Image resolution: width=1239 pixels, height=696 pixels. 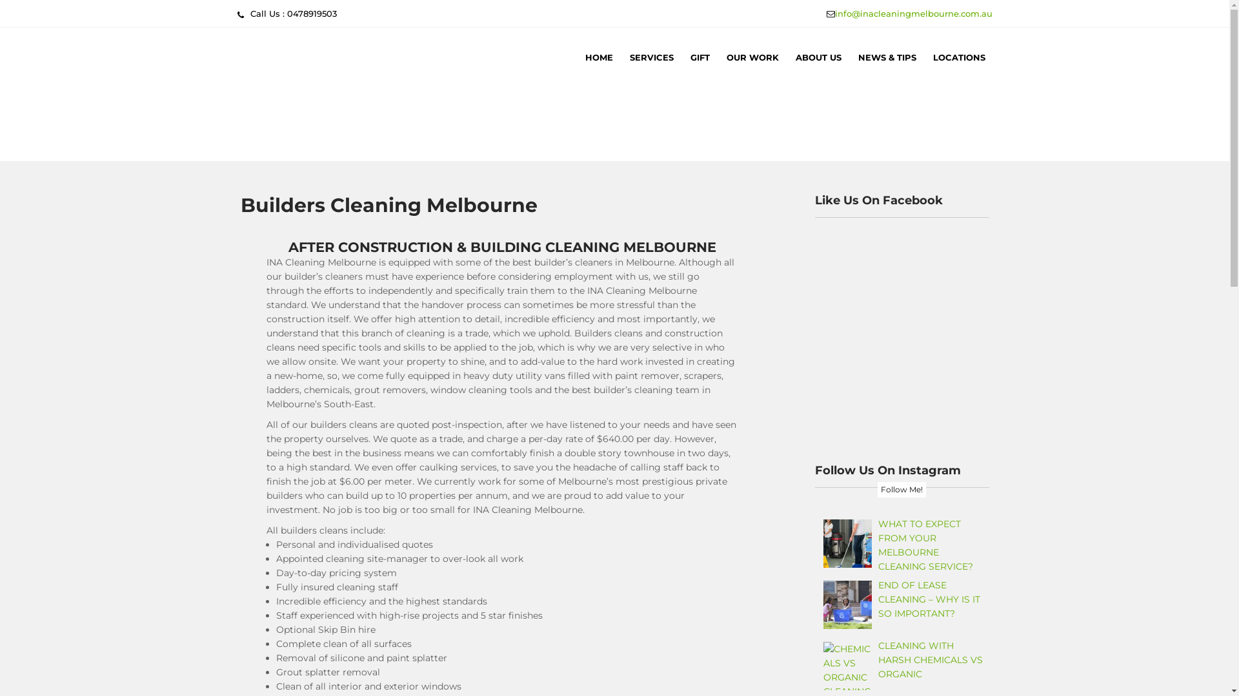 What do you see at coordinates (925, 545) in the screenshot?
I see `'WHAT TO EXPECT FROM YOUR MELBOURNE CLEANING SERVICE?'` at bounding box center [925, 545].